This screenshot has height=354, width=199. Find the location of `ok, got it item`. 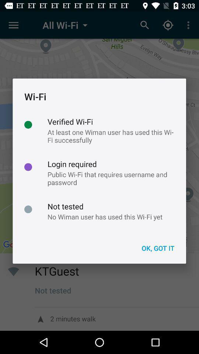

ok, got it item is located at coordinates (157, 248).